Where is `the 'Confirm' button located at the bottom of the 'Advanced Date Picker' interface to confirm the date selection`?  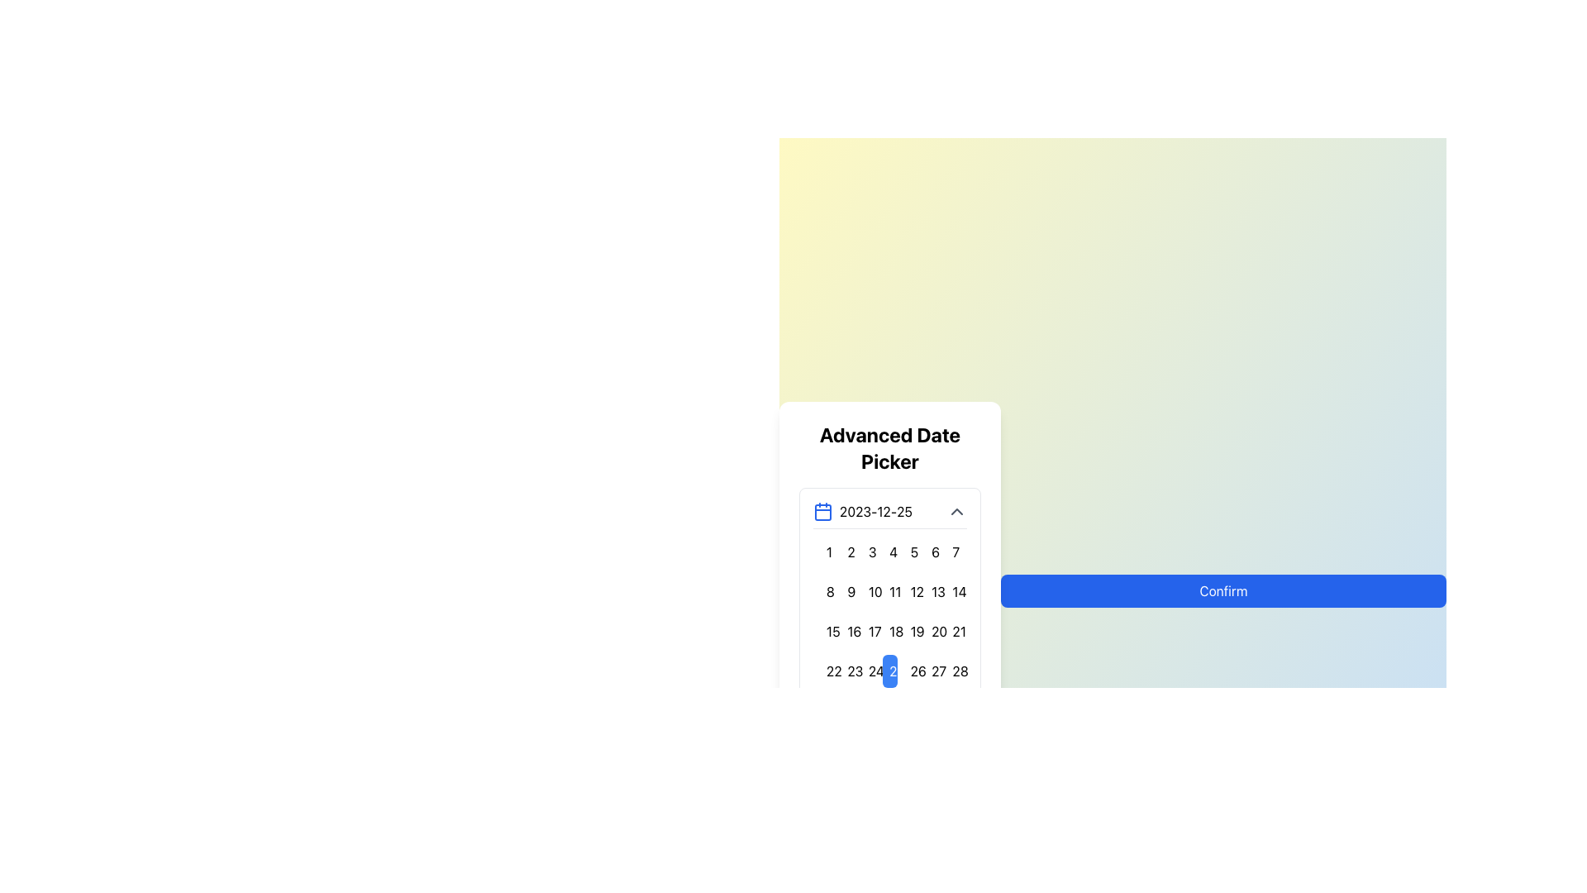 the 'Confirm' button located at the bottom of the 'Advanced Date Picker' interface to confirm the date selection is located at coordinates (1222, 590).